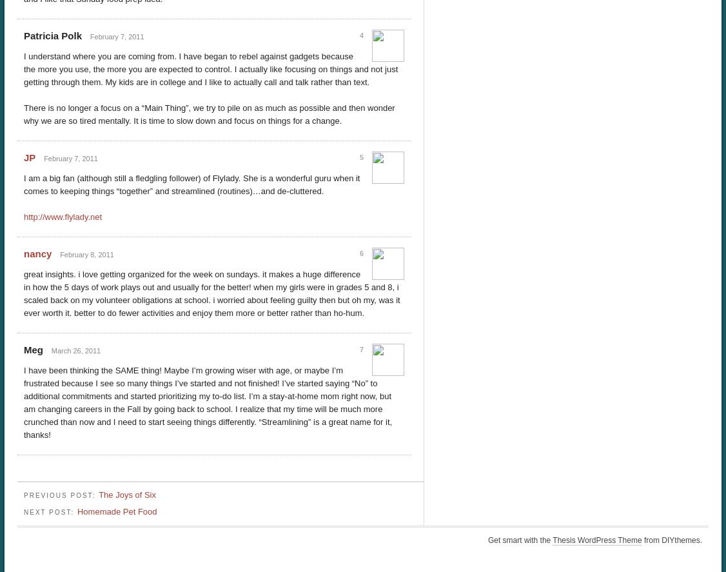 This screenshot has height=572, width=726. I want to click on 'Patricia Polk', so click(52, 35).